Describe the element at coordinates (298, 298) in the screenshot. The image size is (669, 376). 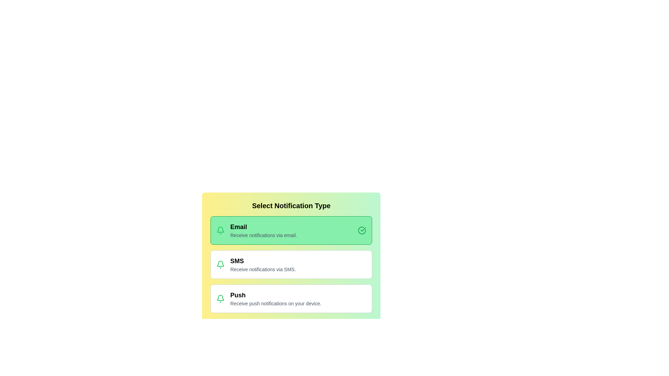
I see `the 'Push Notifications' button, which is the third selectable option under the 'Select Notification Type' header, located below the 'Email' and 'SMS' options` at that location.